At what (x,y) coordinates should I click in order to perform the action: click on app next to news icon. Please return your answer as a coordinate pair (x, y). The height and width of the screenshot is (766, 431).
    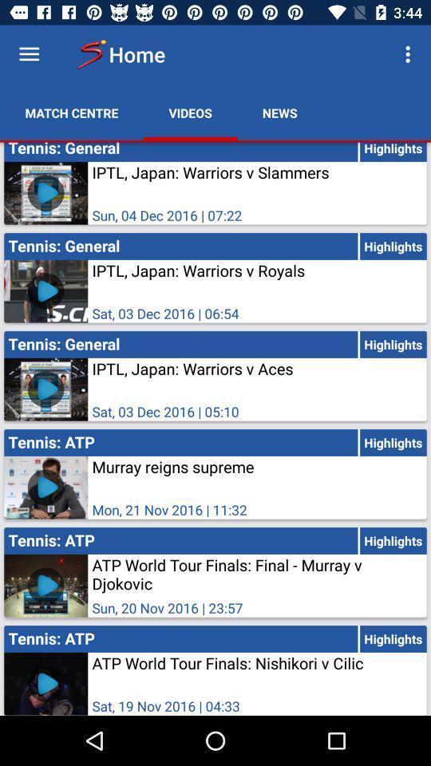
    Looking at the image, I should click on (190, 112).